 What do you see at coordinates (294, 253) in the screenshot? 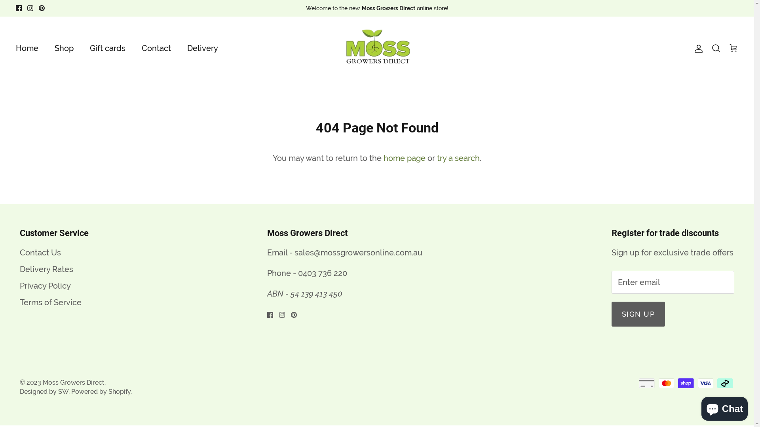
I see `'sales@mossgrowersonline.com.au'` at bounding box center [294, 253].